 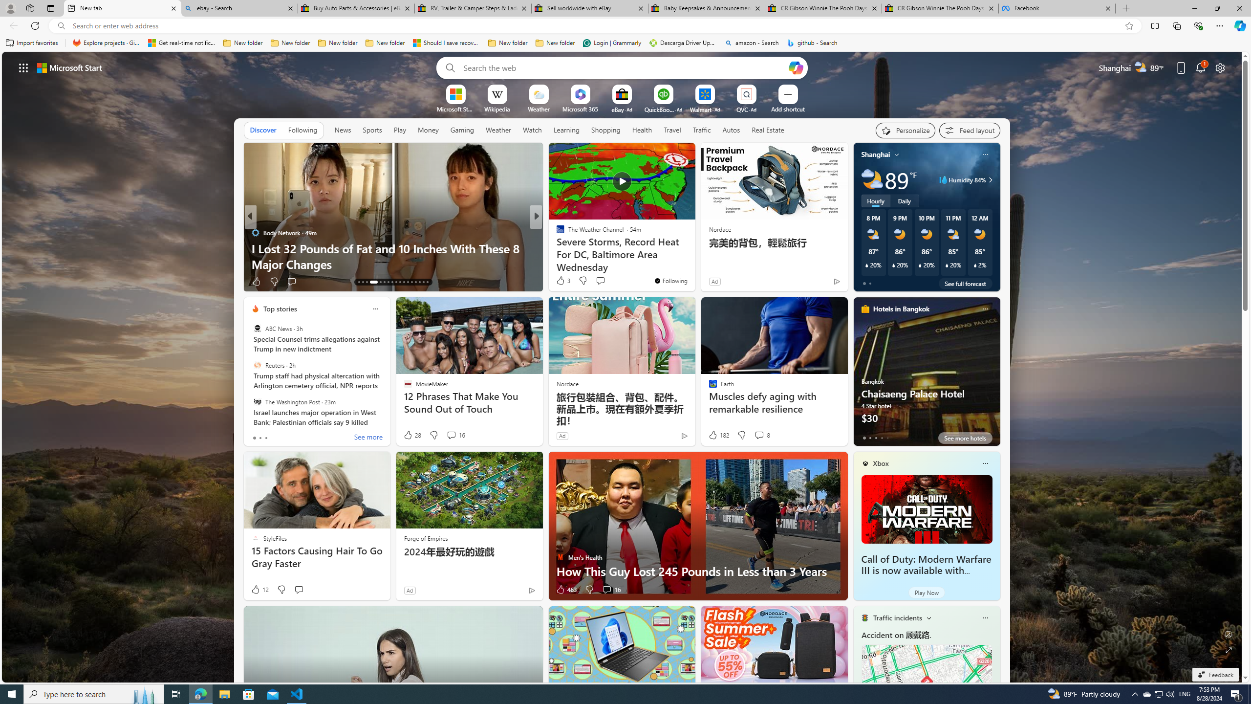 I want to click on 'ABC News', so click(x=257, y=328).